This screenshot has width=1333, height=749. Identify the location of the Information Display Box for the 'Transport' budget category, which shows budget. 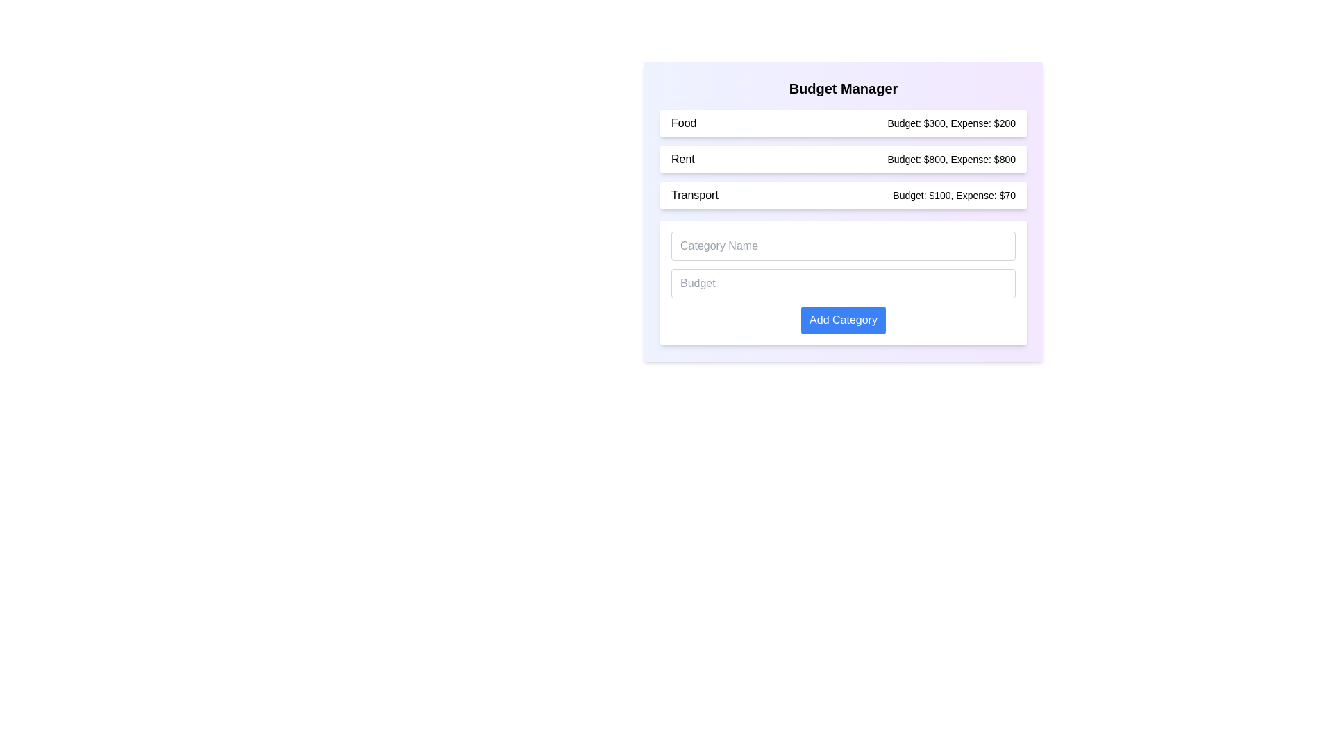
(842, 195).